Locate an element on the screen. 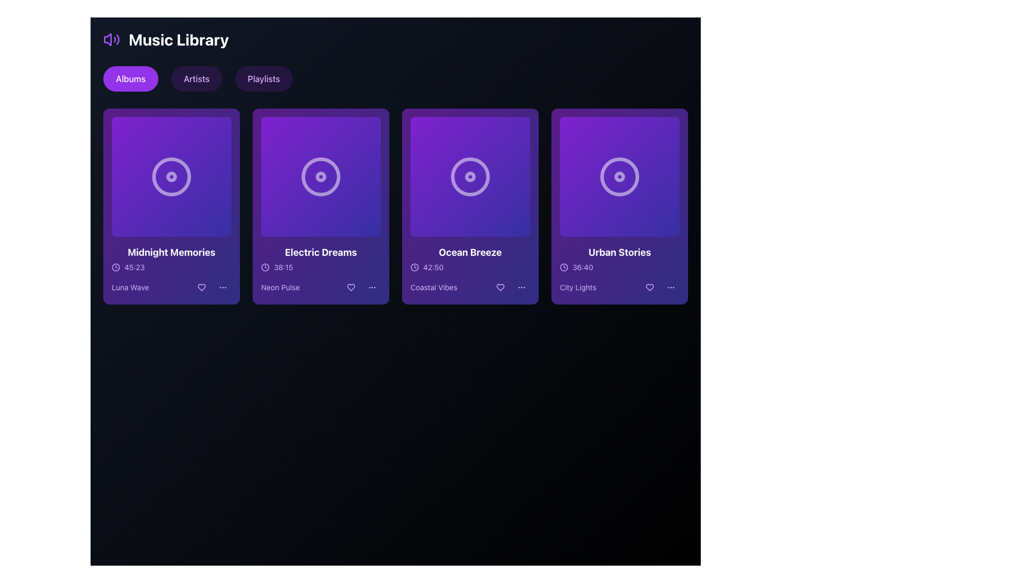 This screenshot has width=1017, height=572. the circular icon resembling a disc with a semi-transparent white color, located centrally within the 'Electric Dreams' card in the grid layout is located at coordinates (320, 176).